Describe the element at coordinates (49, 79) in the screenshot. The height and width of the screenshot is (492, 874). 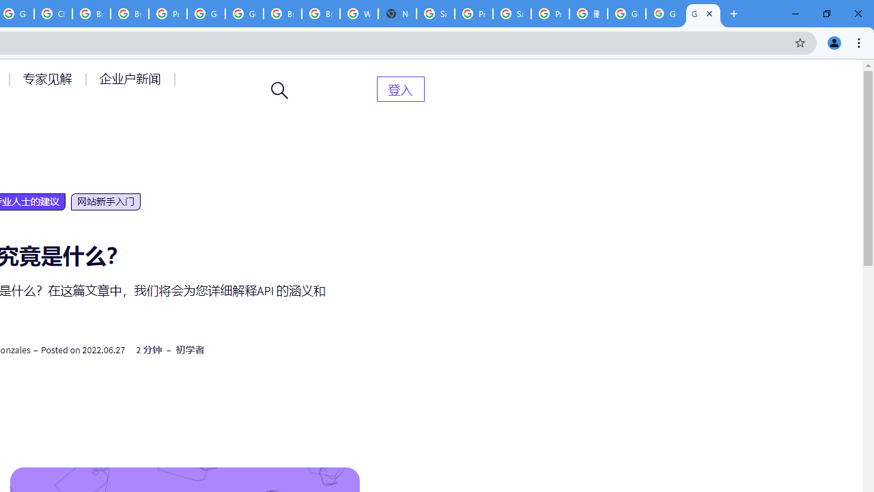
I see `'AutomationID: menu-item-77764'` at that location.